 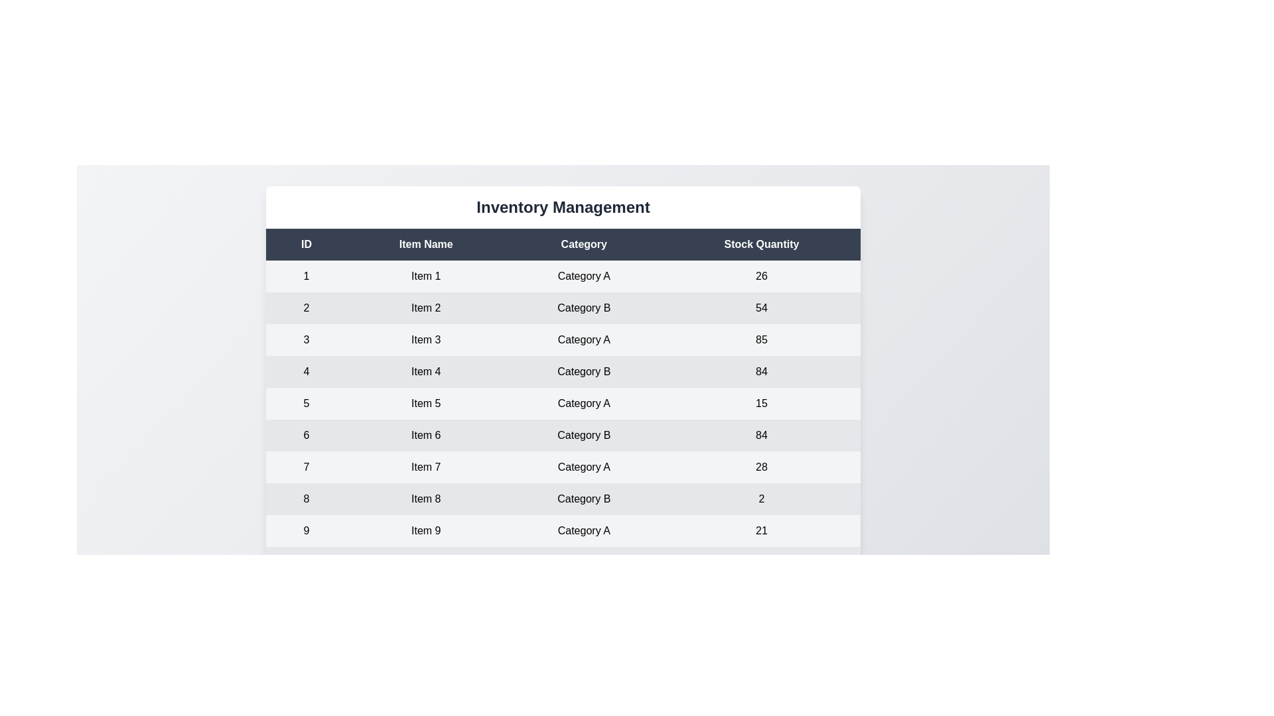 What do you see at coordinates (426, 245) in the screenshot?
I see `the header Item Name in the table` at bounding box center [426, 245].